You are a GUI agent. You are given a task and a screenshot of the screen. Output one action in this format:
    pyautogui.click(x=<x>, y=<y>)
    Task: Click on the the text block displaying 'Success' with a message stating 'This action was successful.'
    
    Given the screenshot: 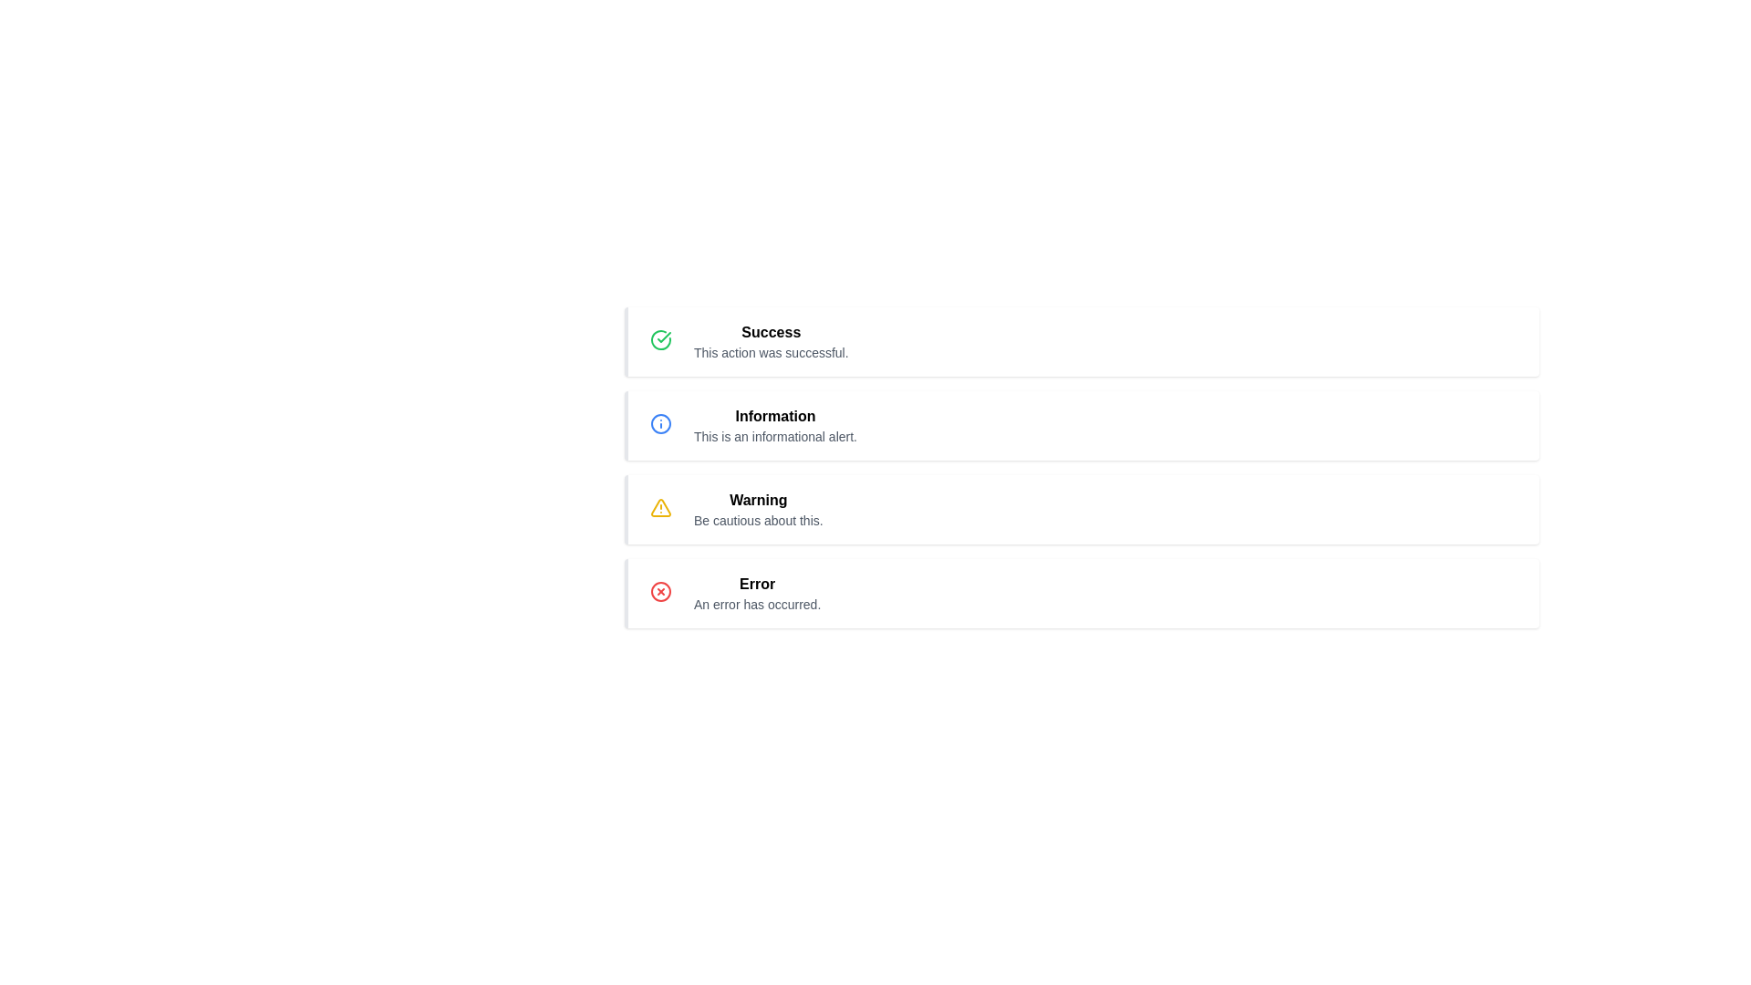 What is the action you would take?
    pyautogui.click(x=771, y=341)
    